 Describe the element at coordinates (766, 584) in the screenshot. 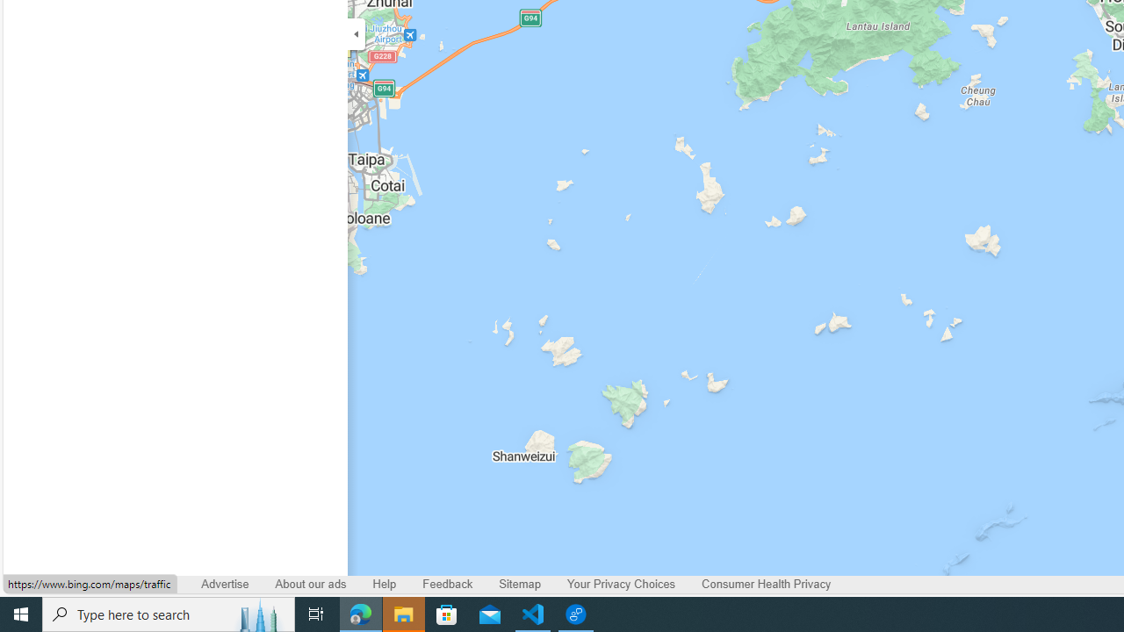

I see `'Consumer Health Privacy'` at that location.